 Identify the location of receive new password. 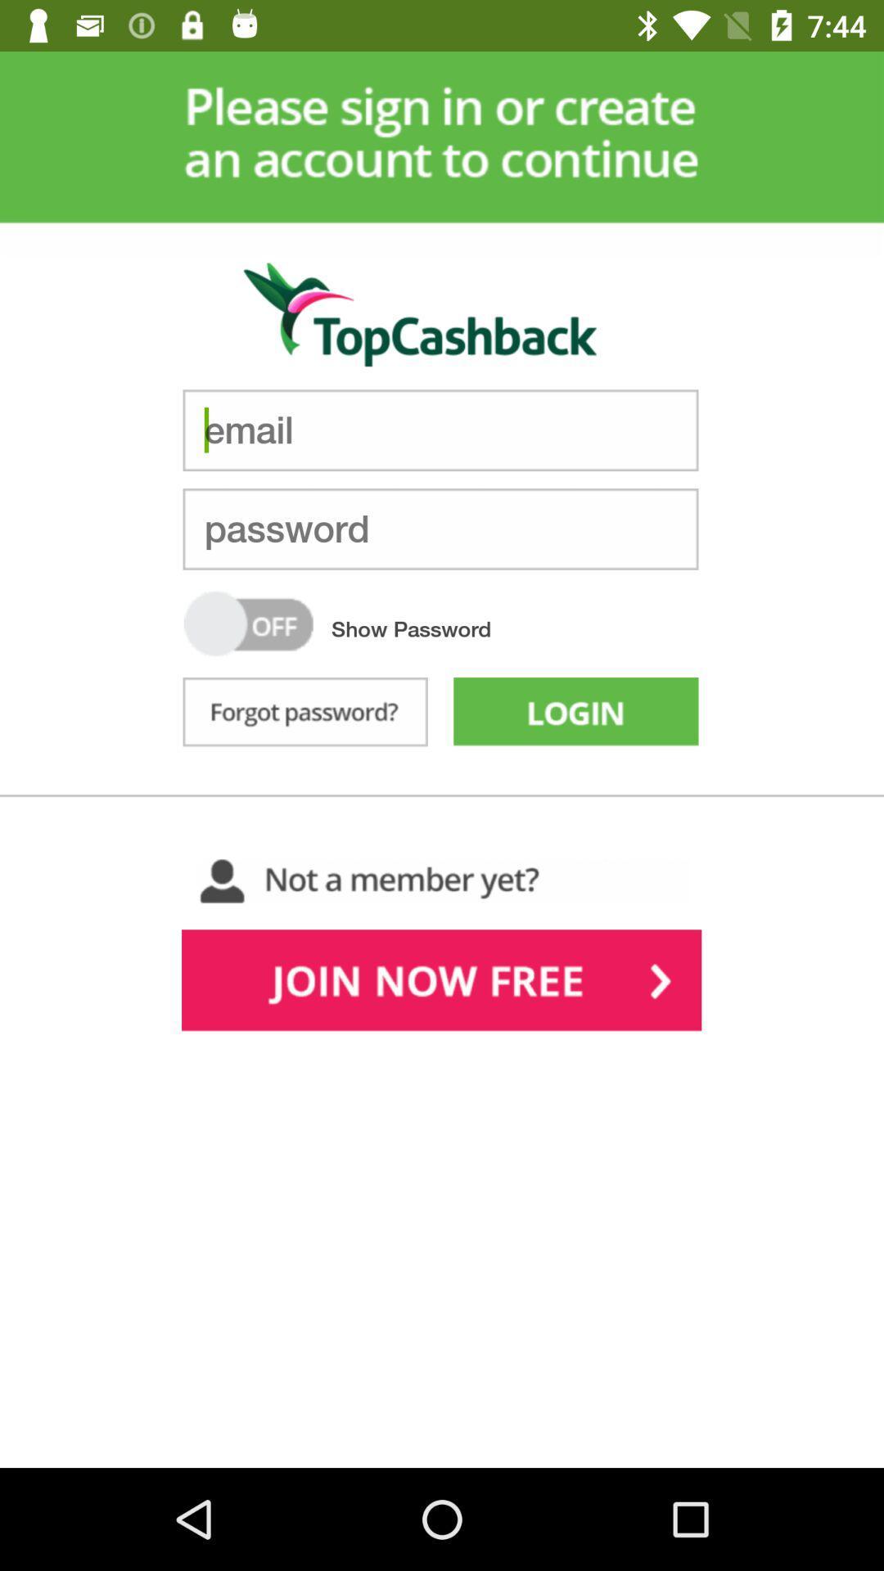
(305, 715).